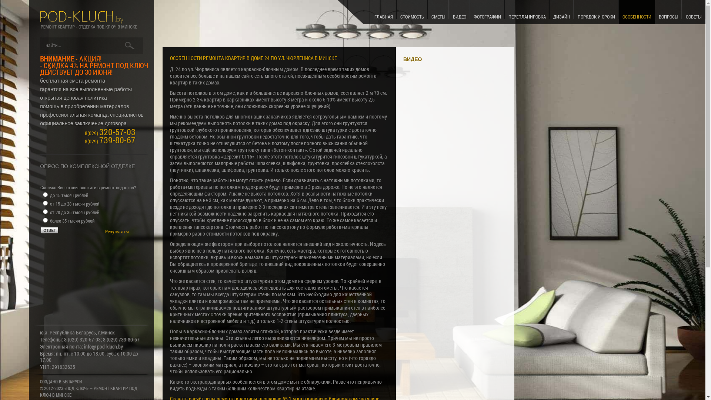 This screenshot has height=400, width=711. I want to click on '8(029) 320-57-03', so click(110, 133).